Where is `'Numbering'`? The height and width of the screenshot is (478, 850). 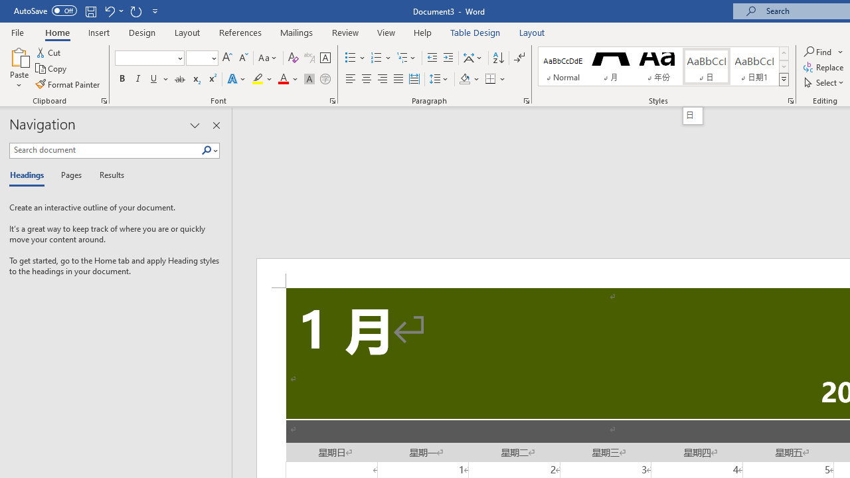
'Numbering' is located at coordinates (381, 57).